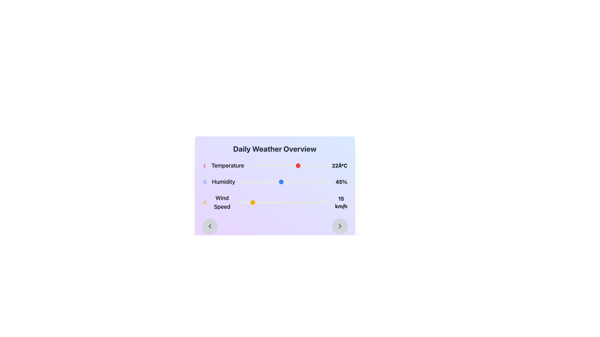 This screenshot has height=337, width=600. I want to click on text content of the label indicating humidity levels, located within the 'flex items-center space-x-4' group, adjacent to the progress bar and blue water droplet icon, so click(223, 182).